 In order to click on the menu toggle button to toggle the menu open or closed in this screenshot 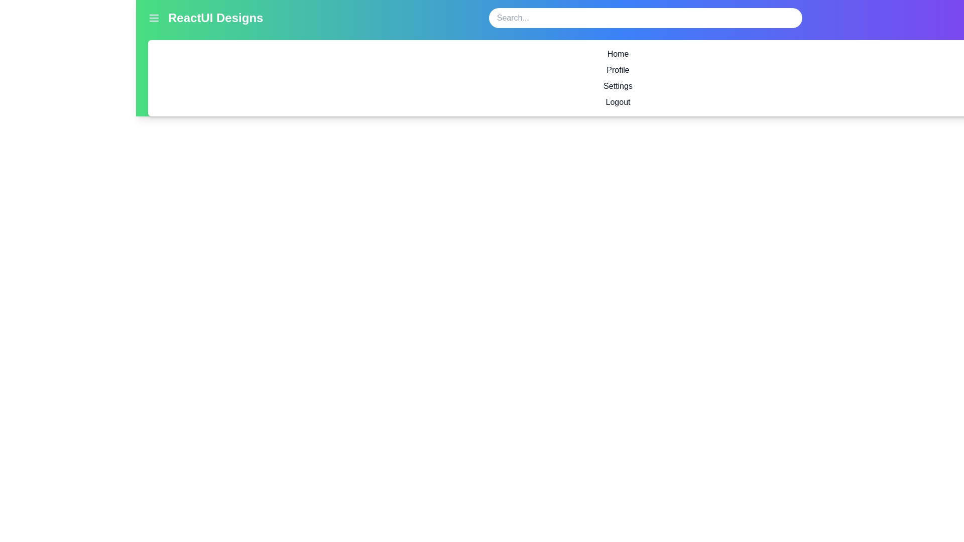, I will do `click(154, 18)`.